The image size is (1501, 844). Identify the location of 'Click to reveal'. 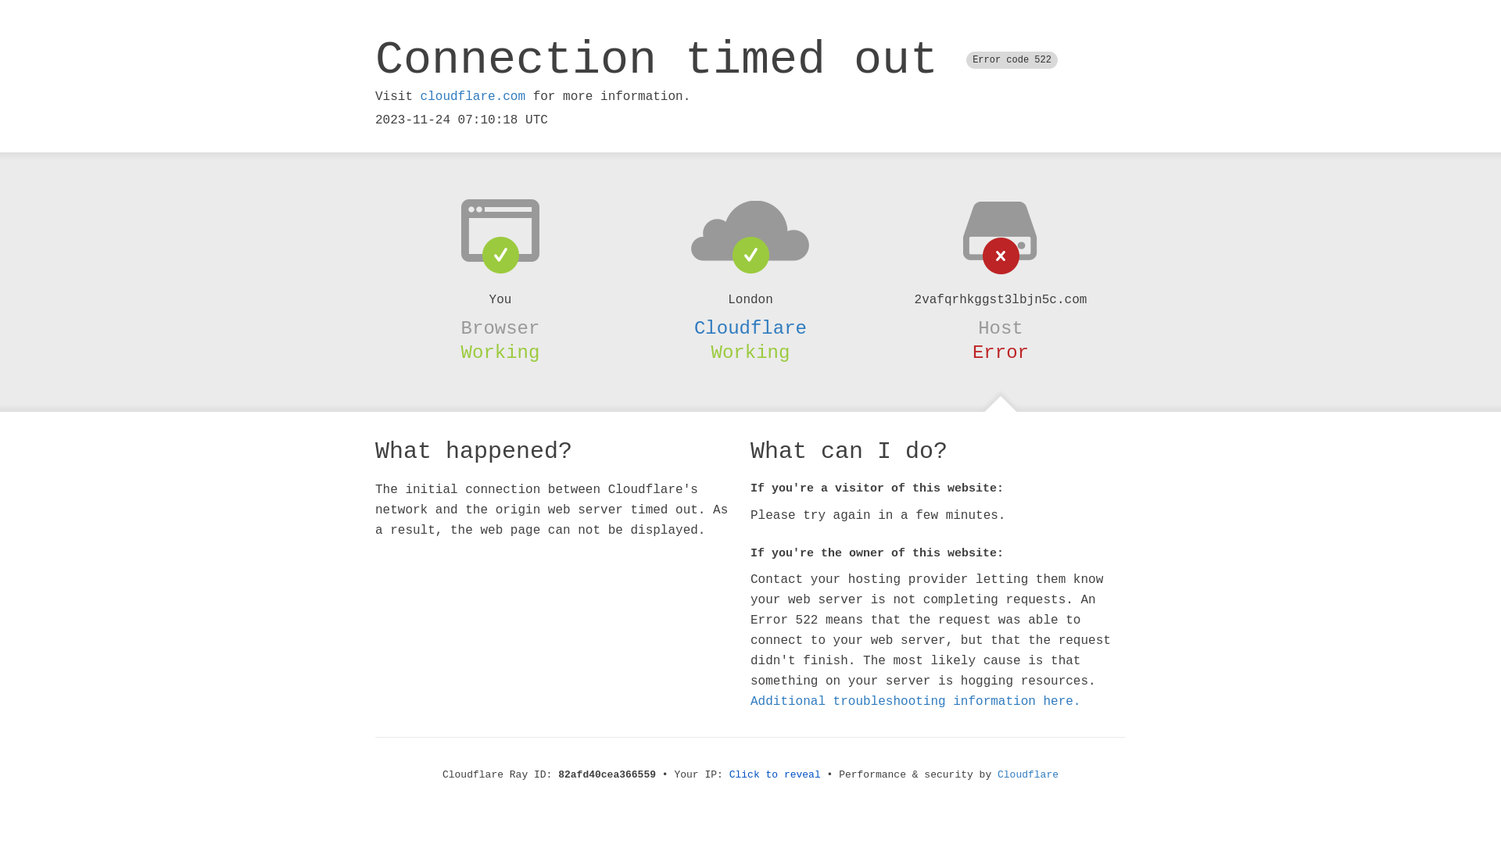
(775, 774).